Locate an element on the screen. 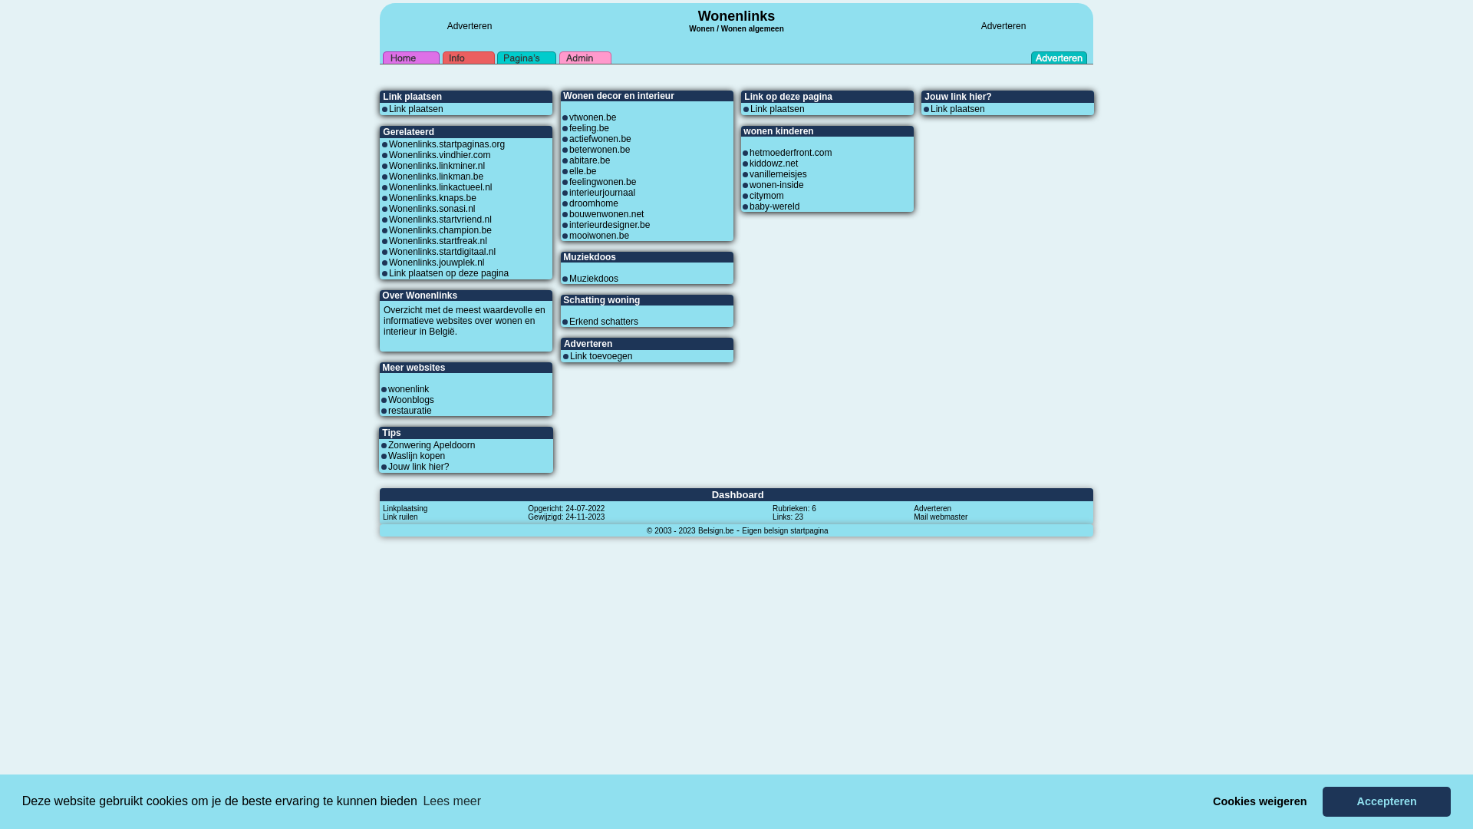 The image size is (1473, 829). 'beterwonen.be' is located at coordinates (568, 150).